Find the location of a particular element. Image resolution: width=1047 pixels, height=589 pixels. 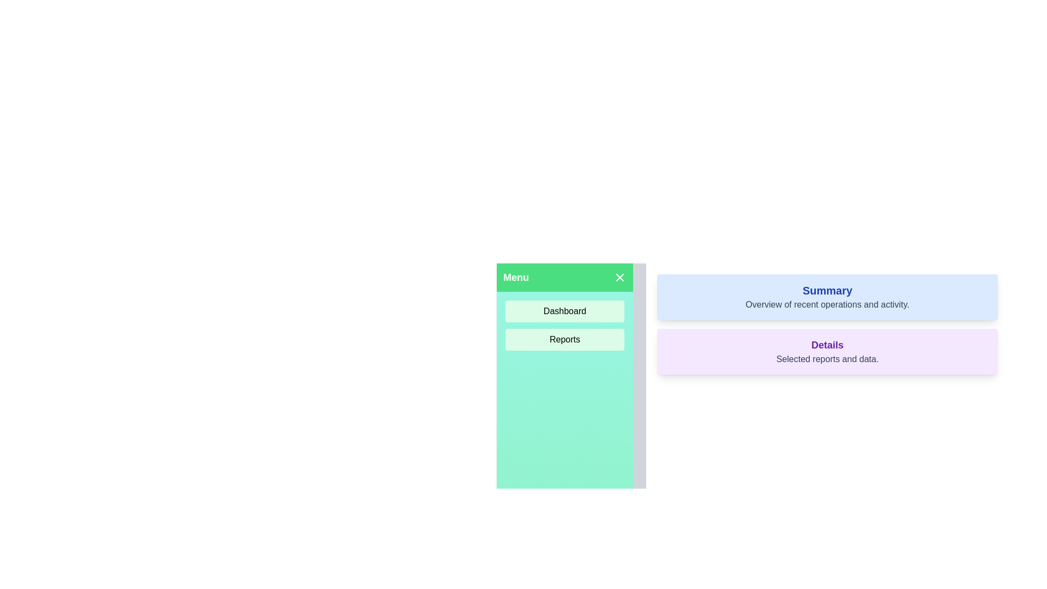

the static text label displaying 'Menu' in bold white font on a green background, located in the top-left corner of the header bar is located at coordinates (515, 277).